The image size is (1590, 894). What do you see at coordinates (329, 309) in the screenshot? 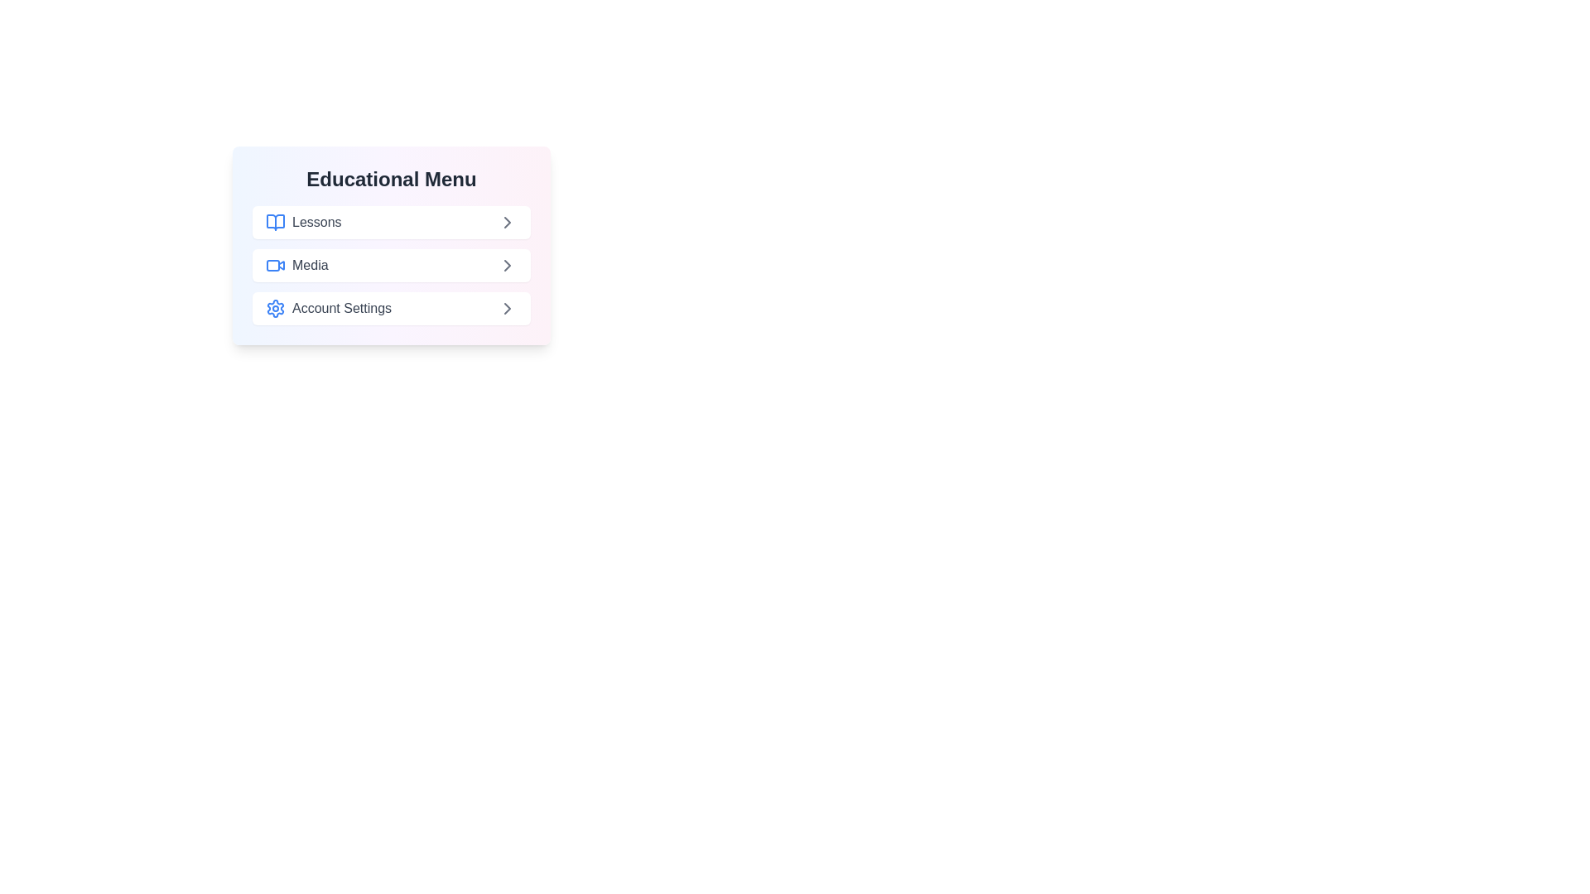
I see `the icon of the Account Settings button, which is the third item in the vertical list within the educational menu box` at bounding box center [329, 309].